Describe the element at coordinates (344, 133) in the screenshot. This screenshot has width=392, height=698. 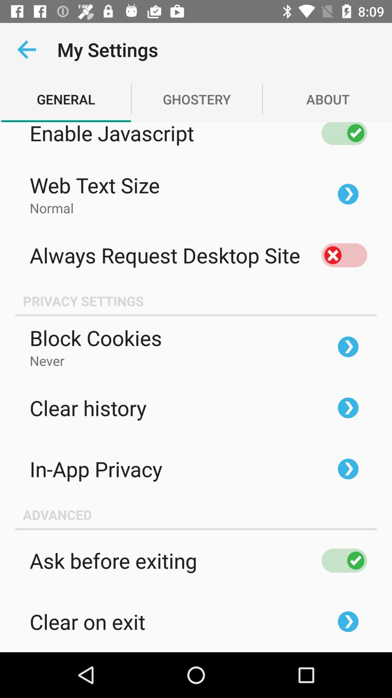
I see `switch off` at that location.